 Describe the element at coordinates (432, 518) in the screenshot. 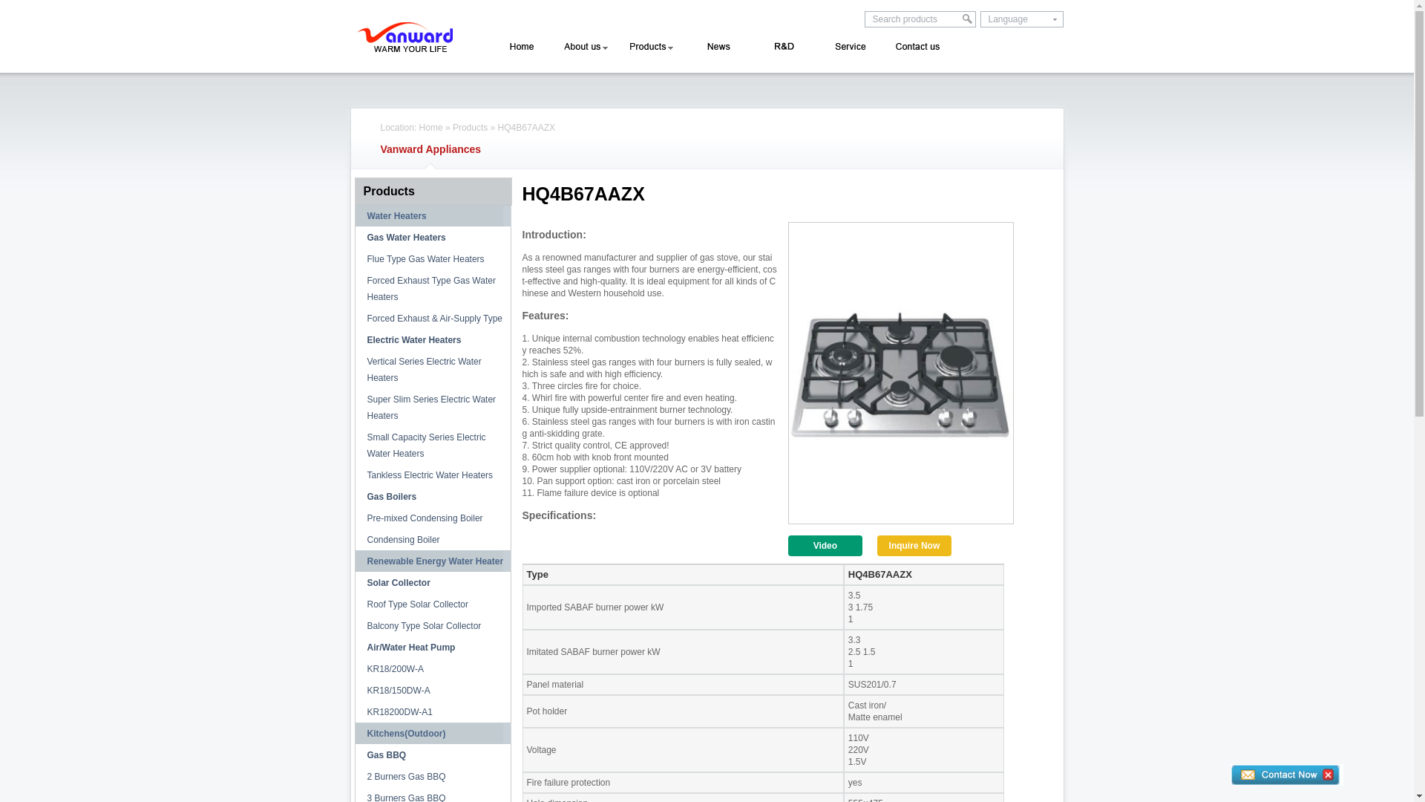

I see `'Pre-mixed Condensing Boiler'` at that location.